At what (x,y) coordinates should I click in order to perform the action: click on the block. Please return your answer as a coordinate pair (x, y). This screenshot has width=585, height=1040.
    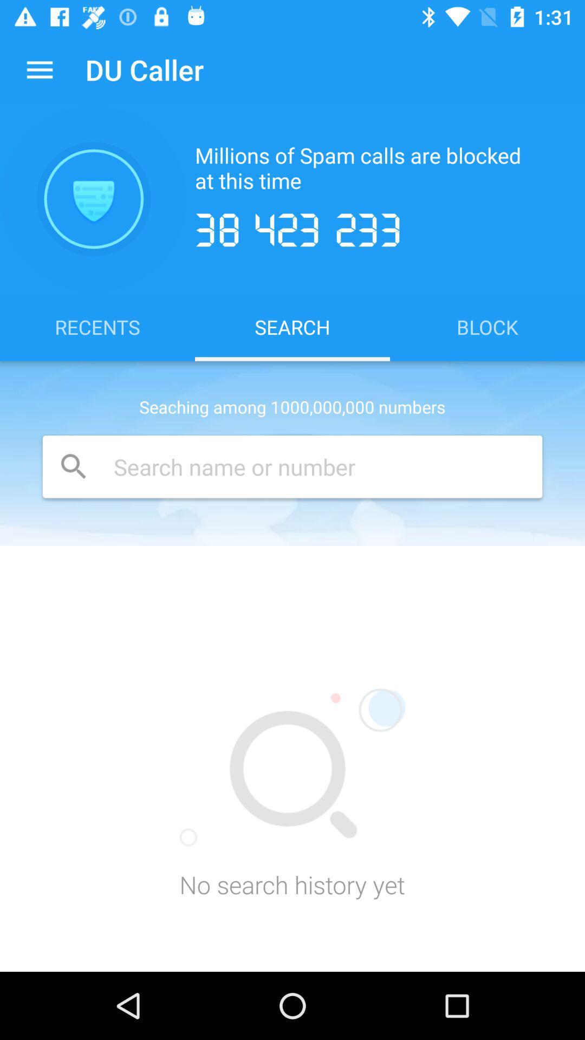
    Looking at the image, I should click on (486, 326).